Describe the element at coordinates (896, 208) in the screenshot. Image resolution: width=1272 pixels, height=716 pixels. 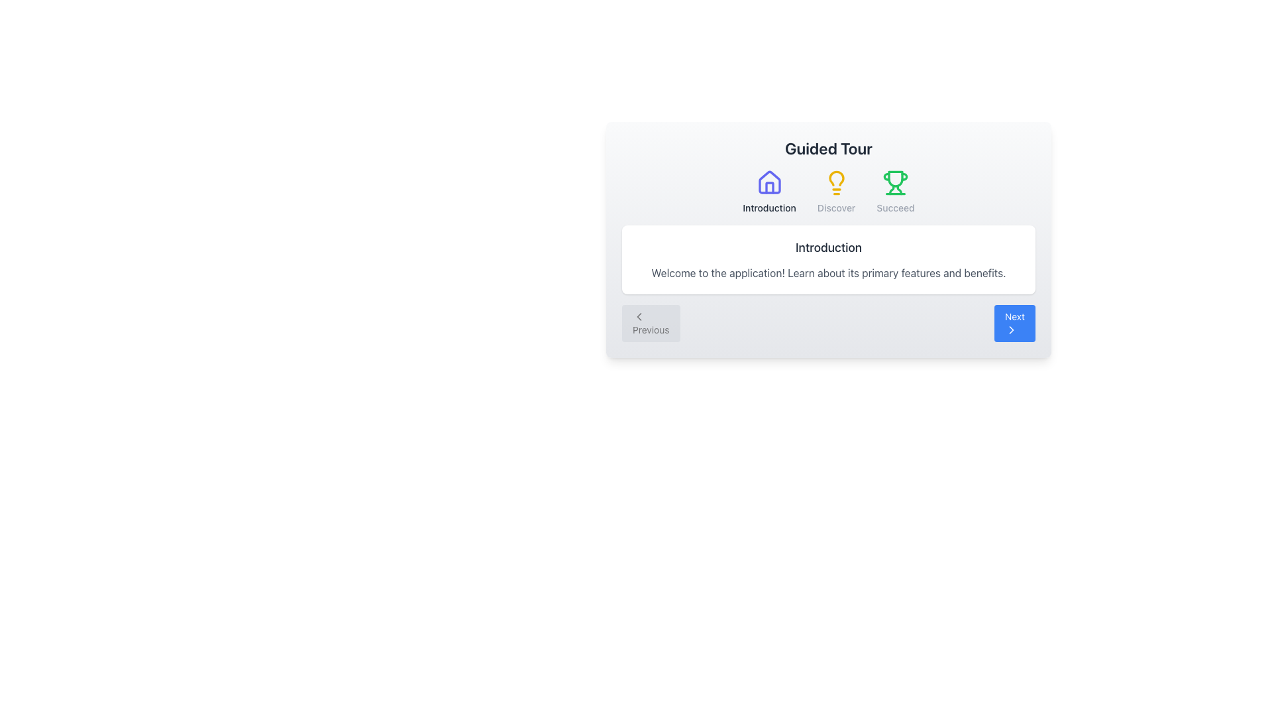
I see `the text label displaying 'Succeed' which is styled in light gray and positioned below the green trophy icon in the upper section of the modal interface` at that location.